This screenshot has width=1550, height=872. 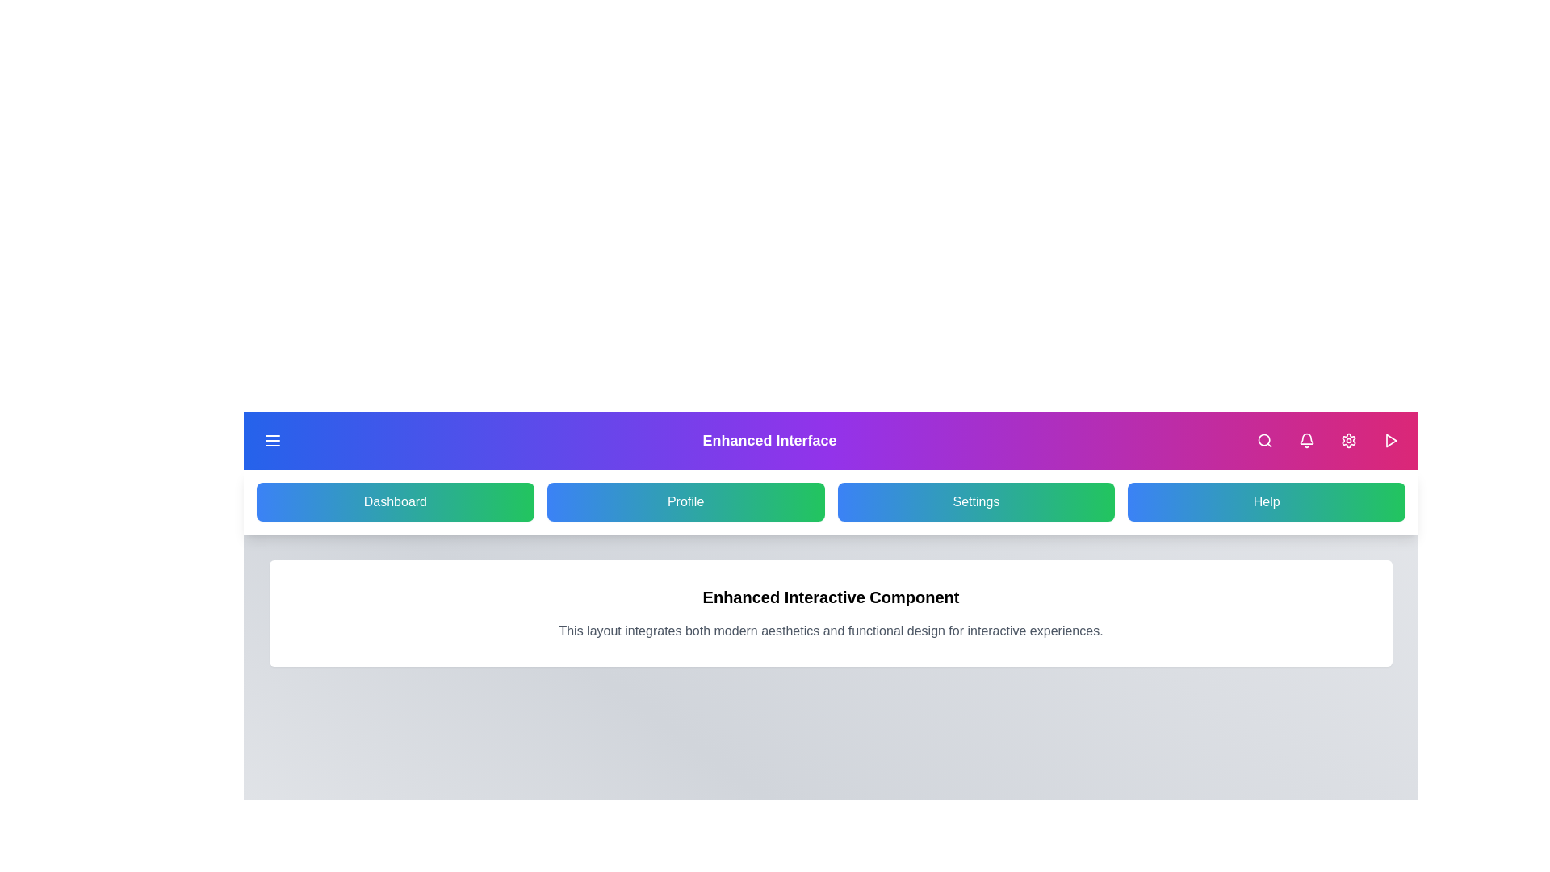 What do you see at coordinates (395, 501) in the screenshot?
I see `the 'Dashboard' navigation button` at bounding box center [395, 501].